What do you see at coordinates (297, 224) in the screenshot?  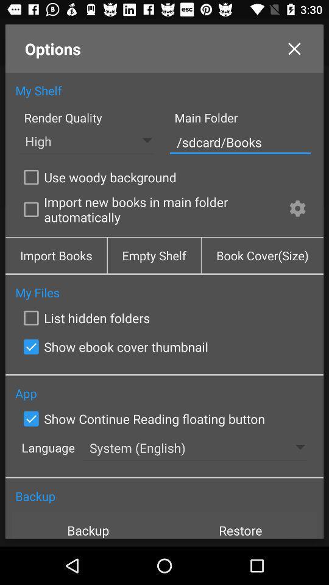 I see `the settings icon` at bounding box center [297, 224].